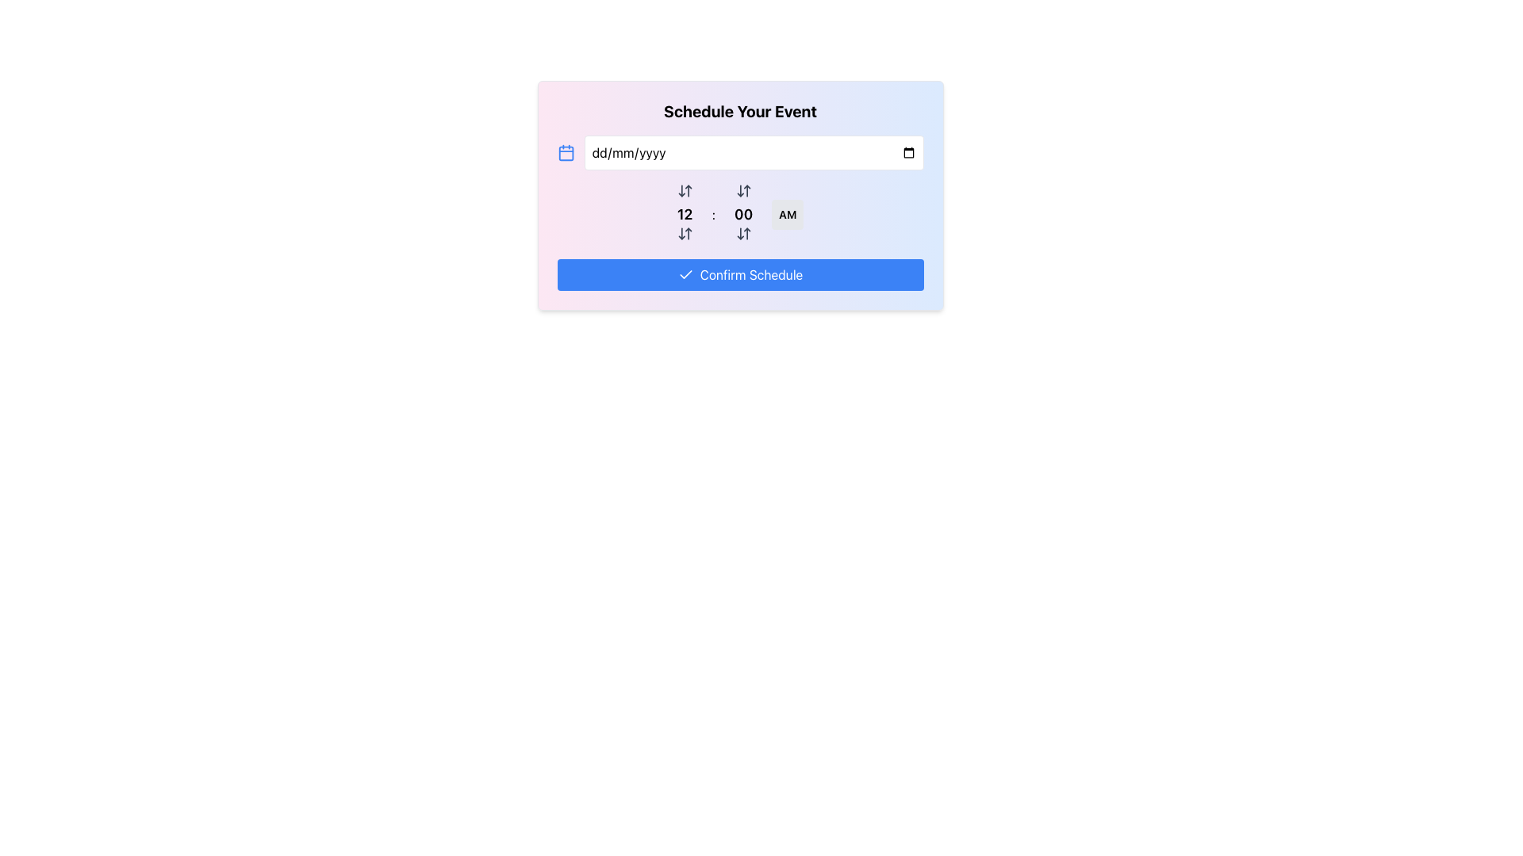 This screenshot has width=1523, height=856. What do you see at coordinates (742, 189) in the screenshot?
I see `the icon button located in the time selection section of the scheduling card to interact with it` at bounding box center [742, 189].